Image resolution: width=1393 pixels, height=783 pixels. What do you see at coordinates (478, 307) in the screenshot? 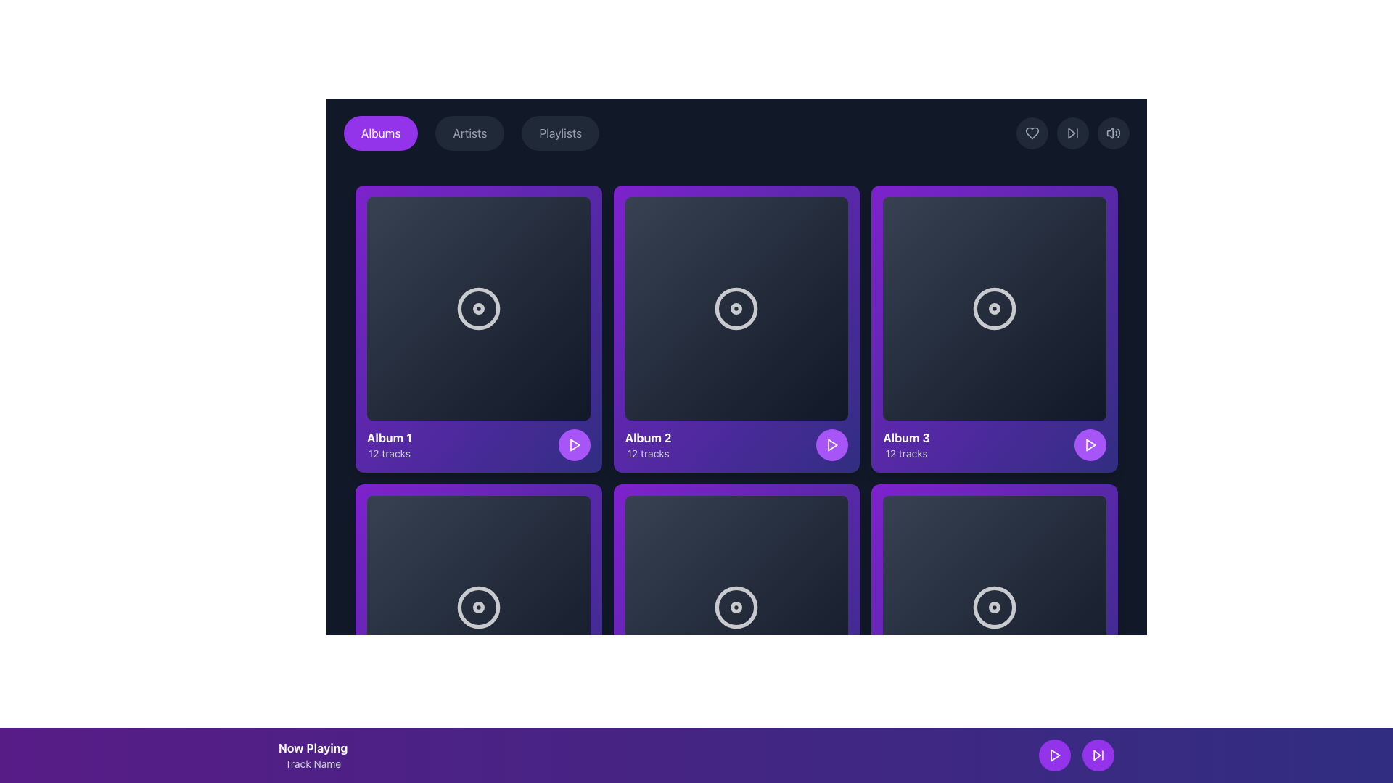
I see `the decorative disc-like graphical element located at the center of the first album tile in the top-left corner of the album grid` at bounding box center [478, 307].